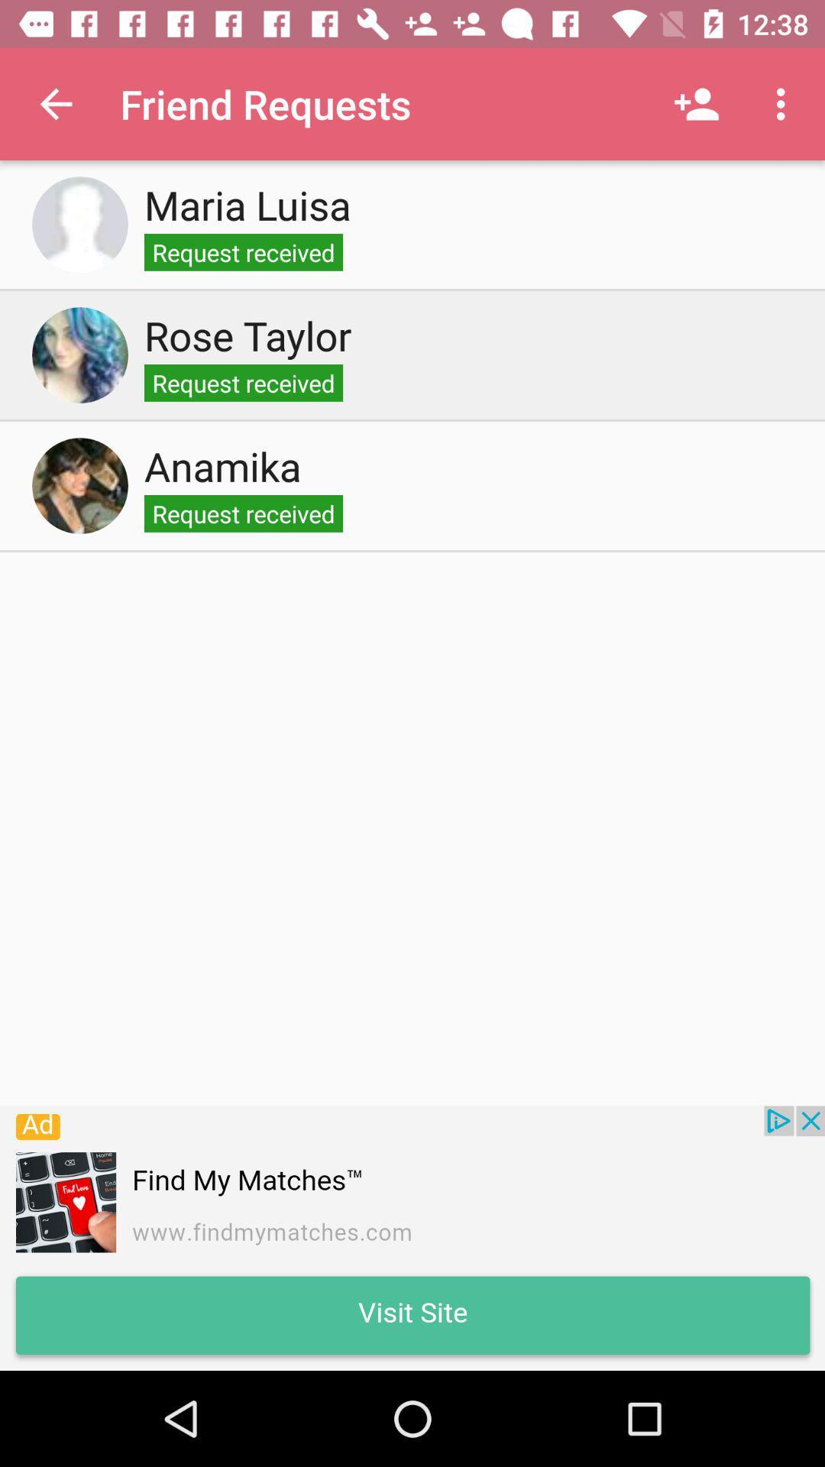 The image size is (825, 1467). Describe the element at coordinates (412, 1238) in the screenshot. I see `advertisement` at that location.